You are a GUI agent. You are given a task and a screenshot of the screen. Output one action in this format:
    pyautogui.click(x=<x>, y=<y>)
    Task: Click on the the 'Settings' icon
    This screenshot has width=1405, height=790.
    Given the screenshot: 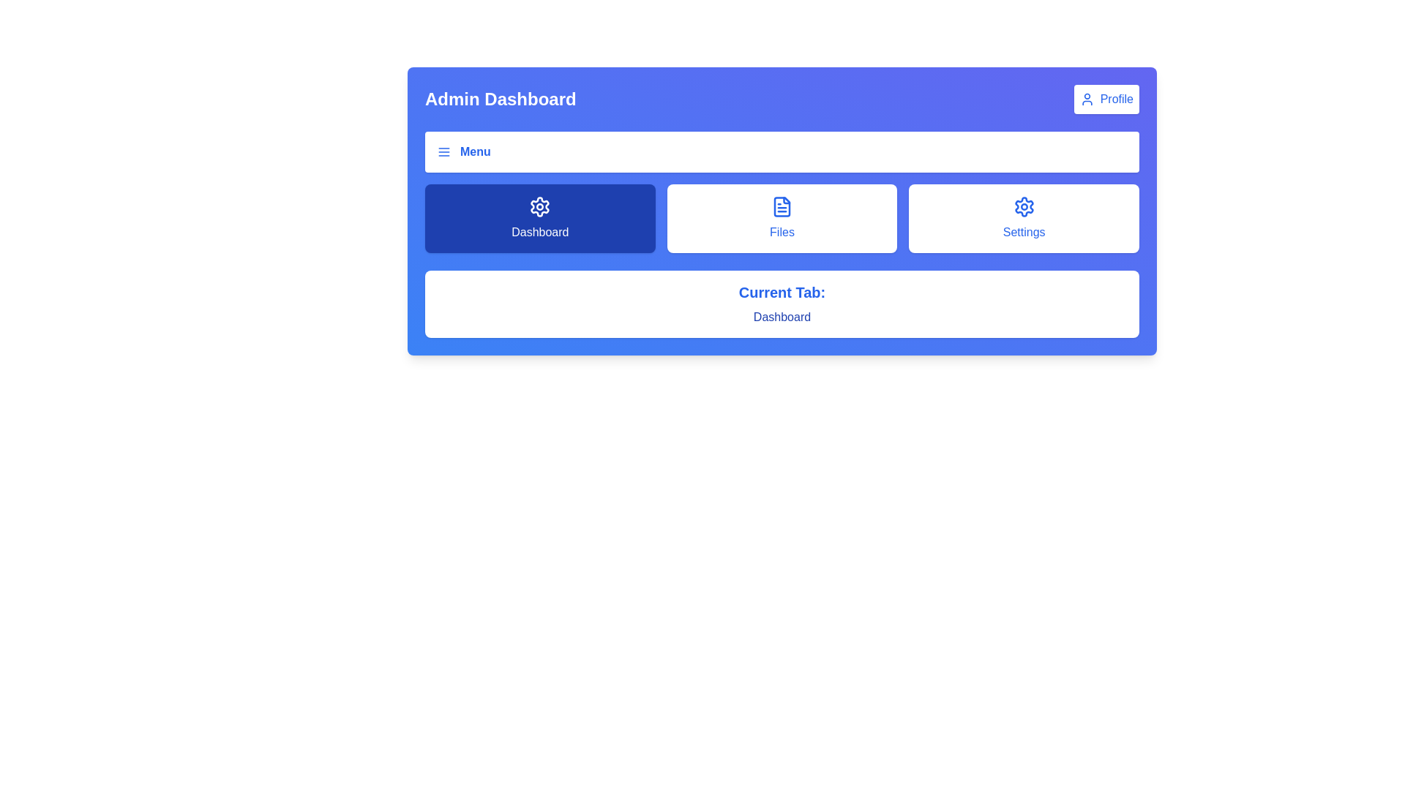 What is the action you would take?
    pyautogui.click(x=1023, y=206)
    